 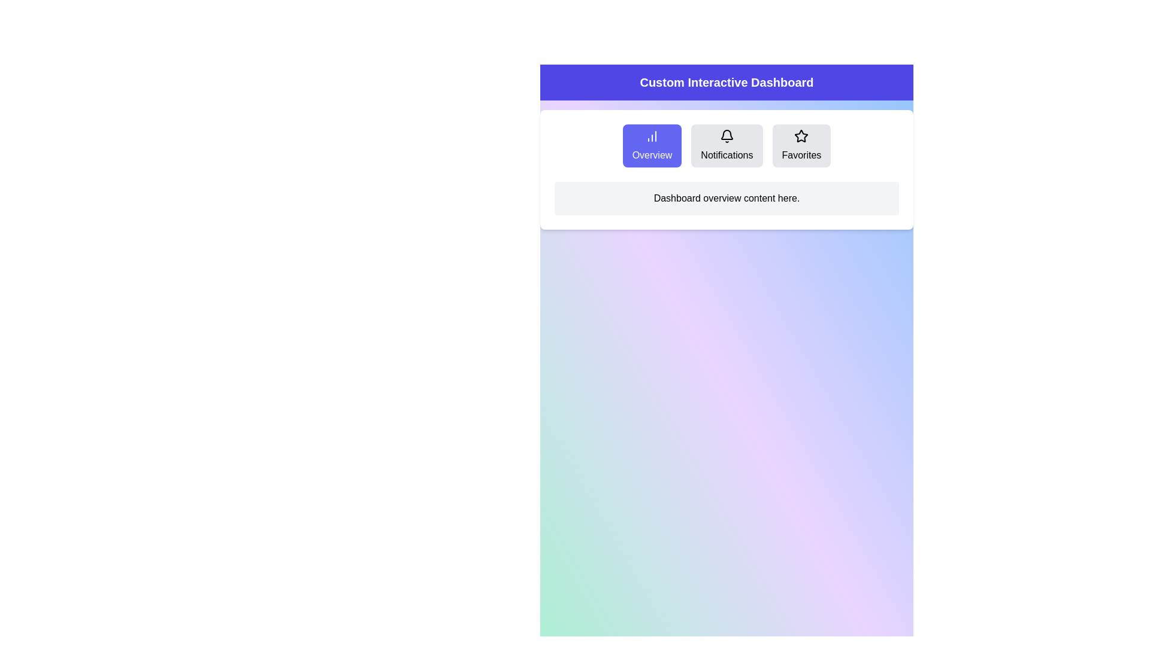 What do you see at coordinates (652, 145) in the screenshot?
I see `the Overview tab in the dashboard` at bounding box center [652, 145].